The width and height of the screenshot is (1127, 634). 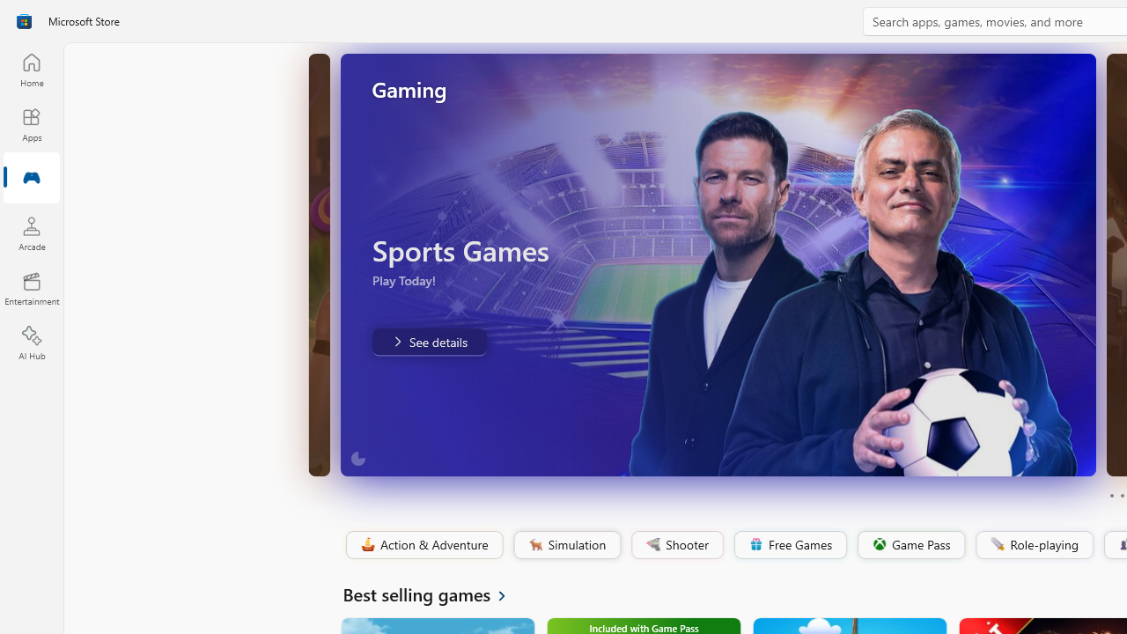 I want to click on 'Entertainment', so click(x=31, y=287).